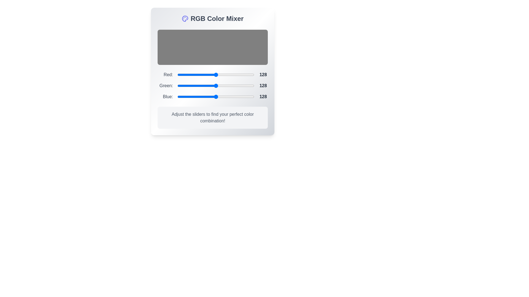 The width and height of the screenshot is (529, 297). I want to click on the 1 slider to a value of 12, so click(217, 86).